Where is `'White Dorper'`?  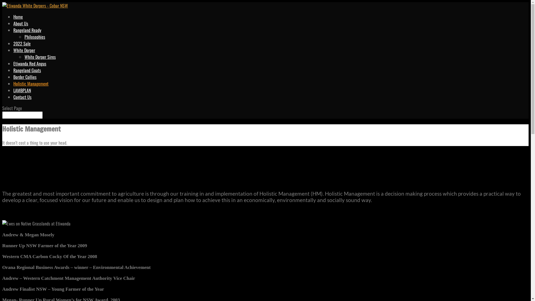
'White Dorper' is located at coordinates (24, 50).